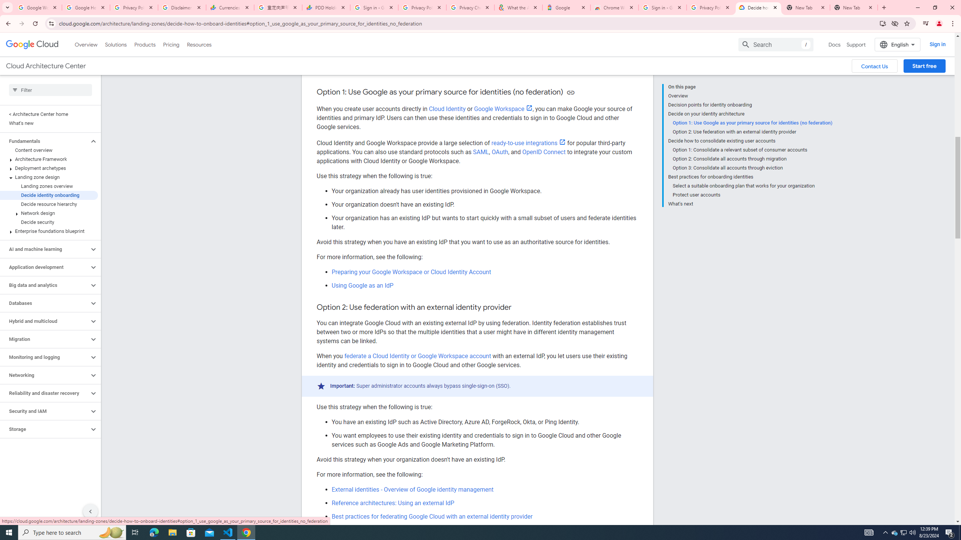  What do you see at coordinates (49, 159) in the screenshot?
I see `'Architecture Framework'` at bounding box center [49, 159].